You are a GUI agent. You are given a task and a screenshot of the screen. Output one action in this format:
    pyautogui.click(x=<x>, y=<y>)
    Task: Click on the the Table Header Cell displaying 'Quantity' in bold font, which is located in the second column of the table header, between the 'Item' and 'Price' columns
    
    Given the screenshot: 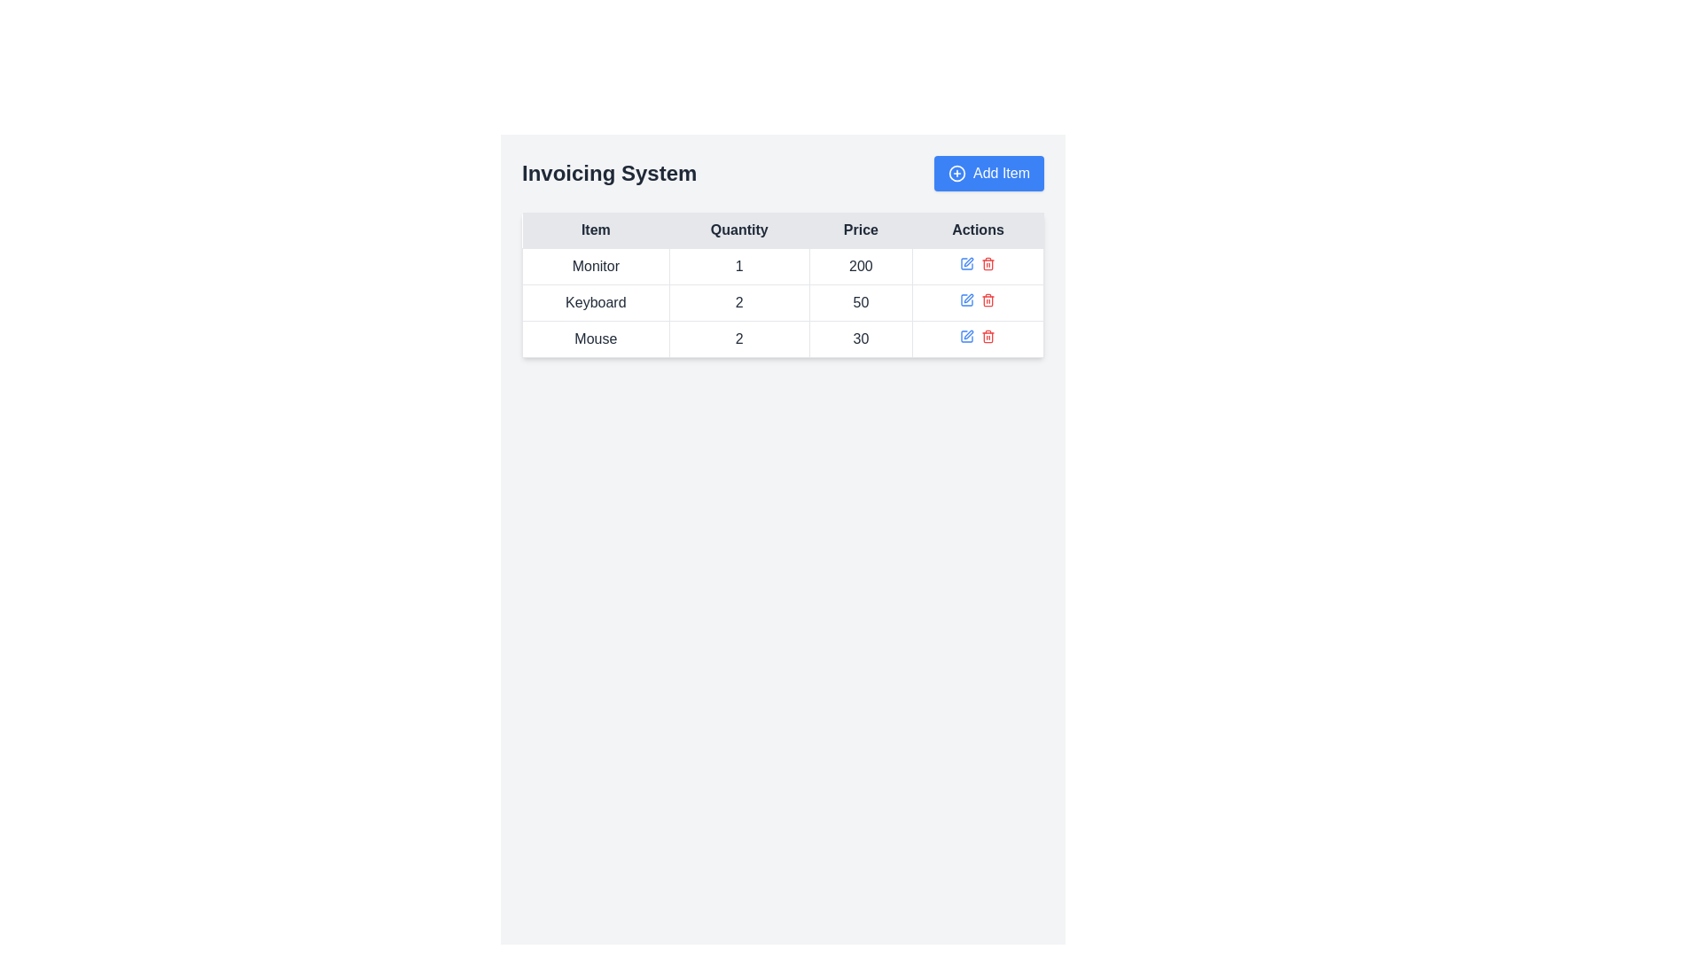 What is the action you would take?
    pyautogui.click(x=739, y=230)
    